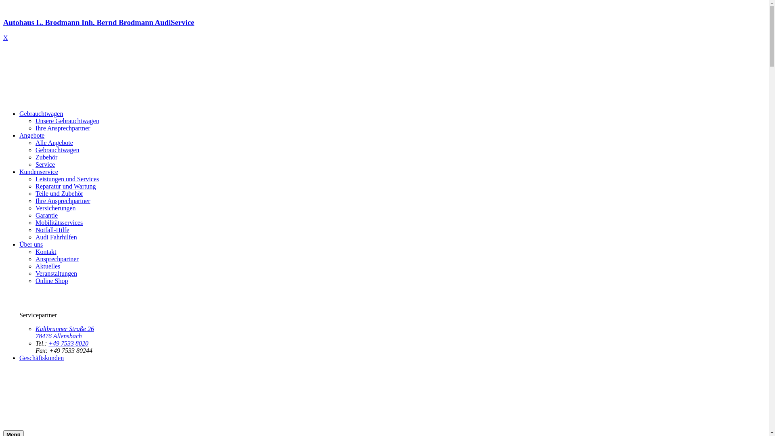  Describe the element at coordinates (44, 164) in the screenshot. I see `'Service'` at that location.